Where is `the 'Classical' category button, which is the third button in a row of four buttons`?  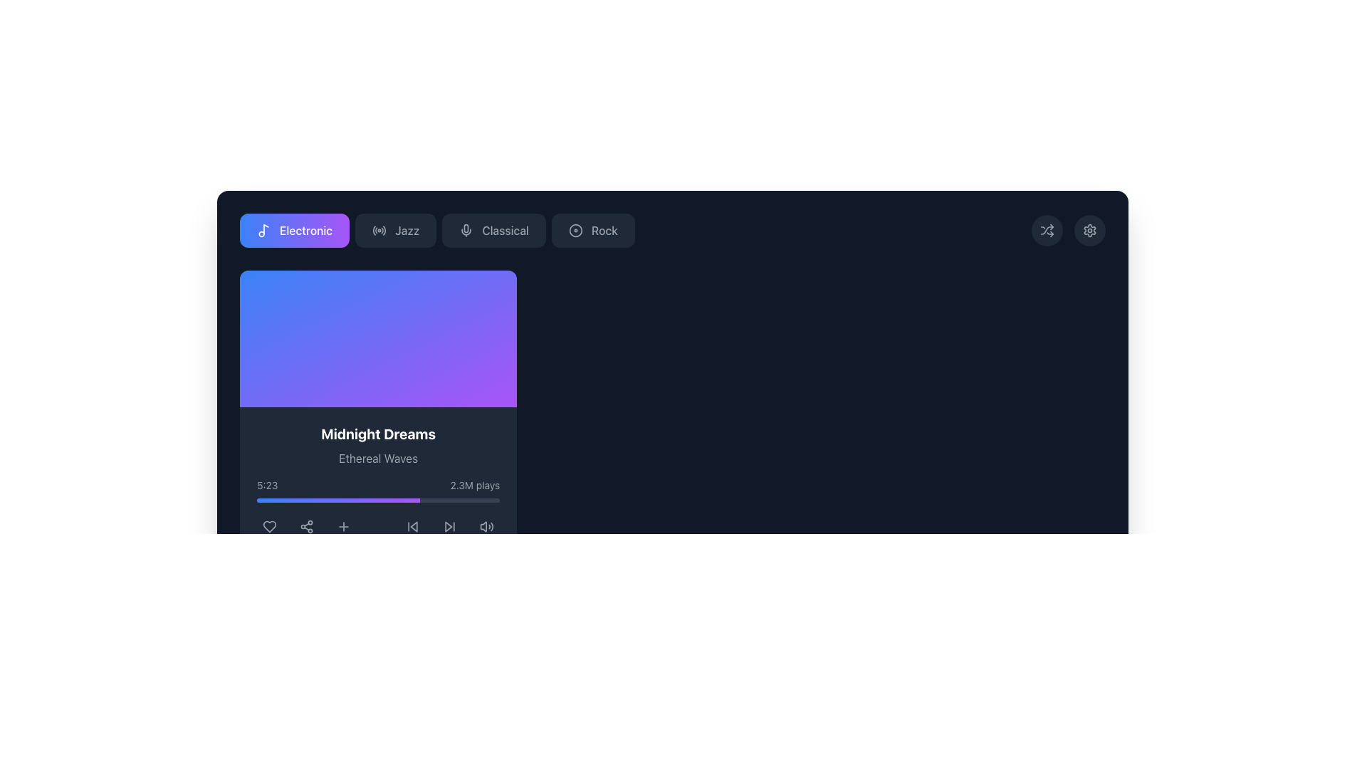 the 'Classical' category button, which is the third button in a row of four buttons is located at coordinates (494, 230).